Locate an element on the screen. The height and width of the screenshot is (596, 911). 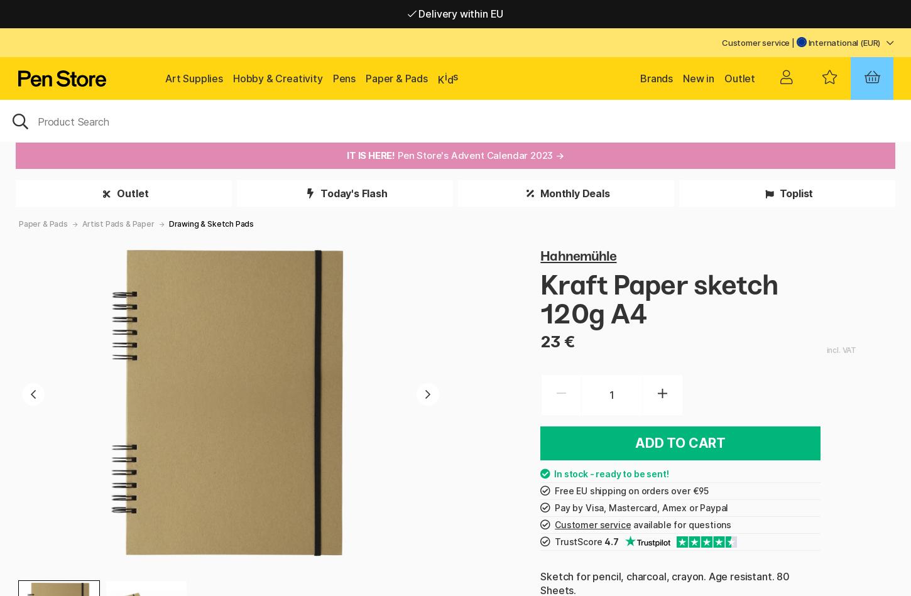
'Monthly Deals' is located at coordinates (573, 193).